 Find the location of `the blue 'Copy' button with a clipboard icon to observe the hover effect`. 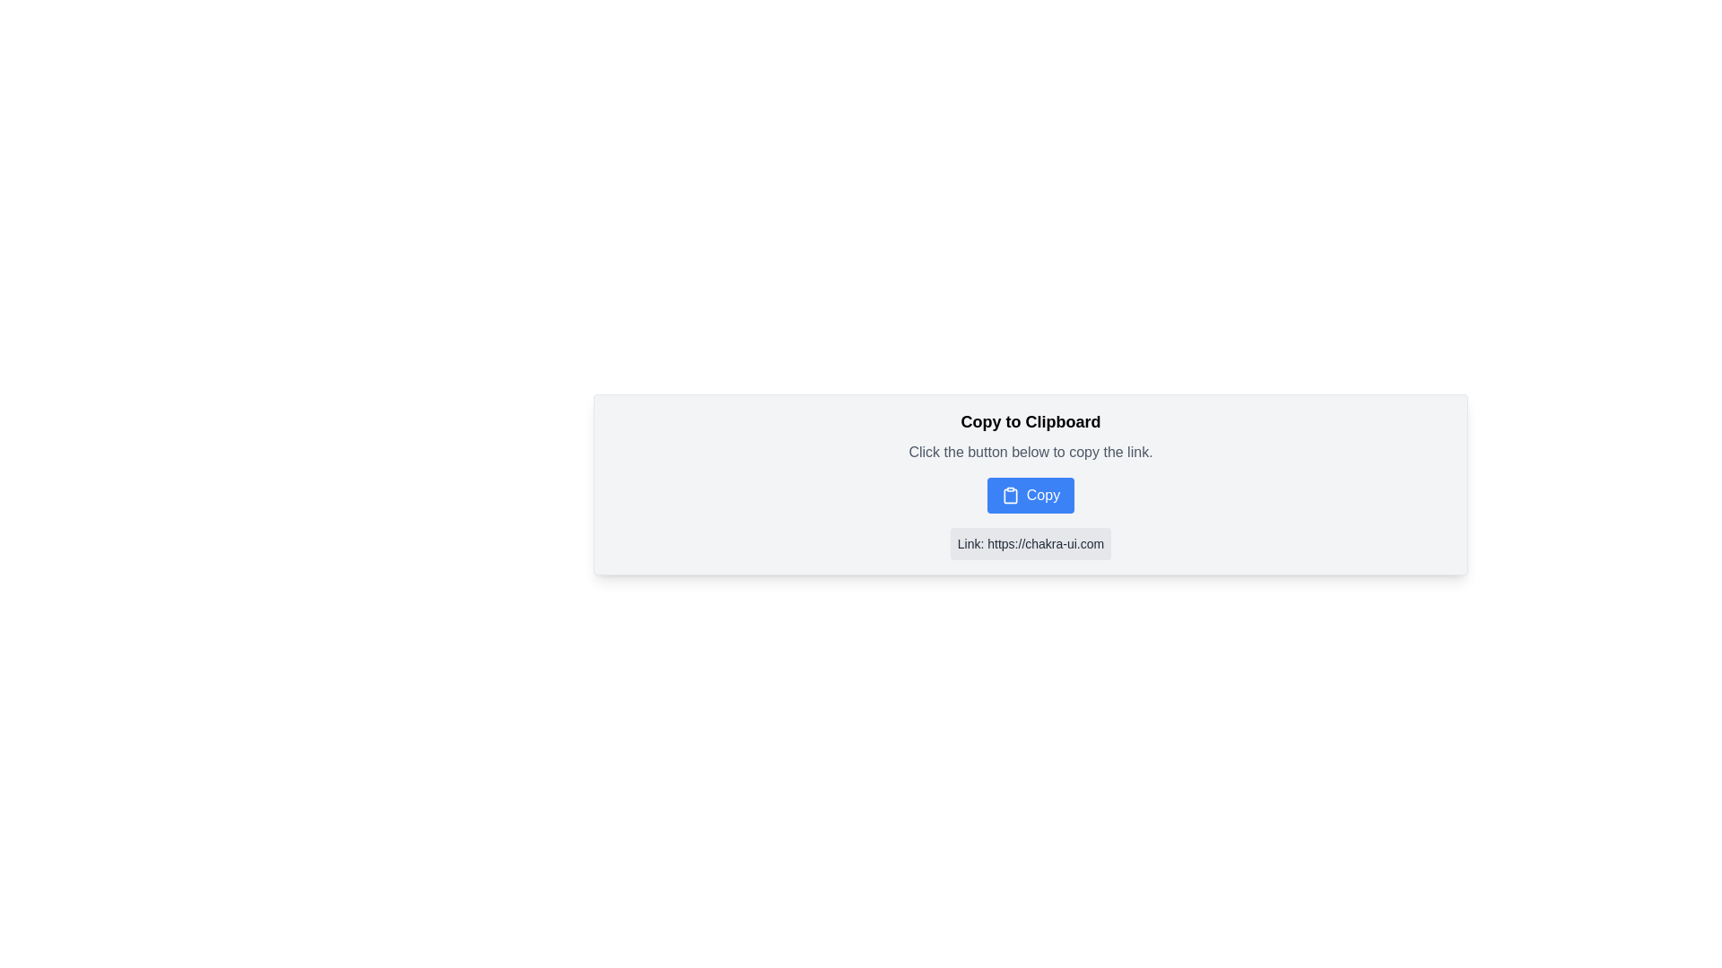

the blue 'Copy' button with a clipboard icon to observe the hover effect is located at coordinates (1031, 495).